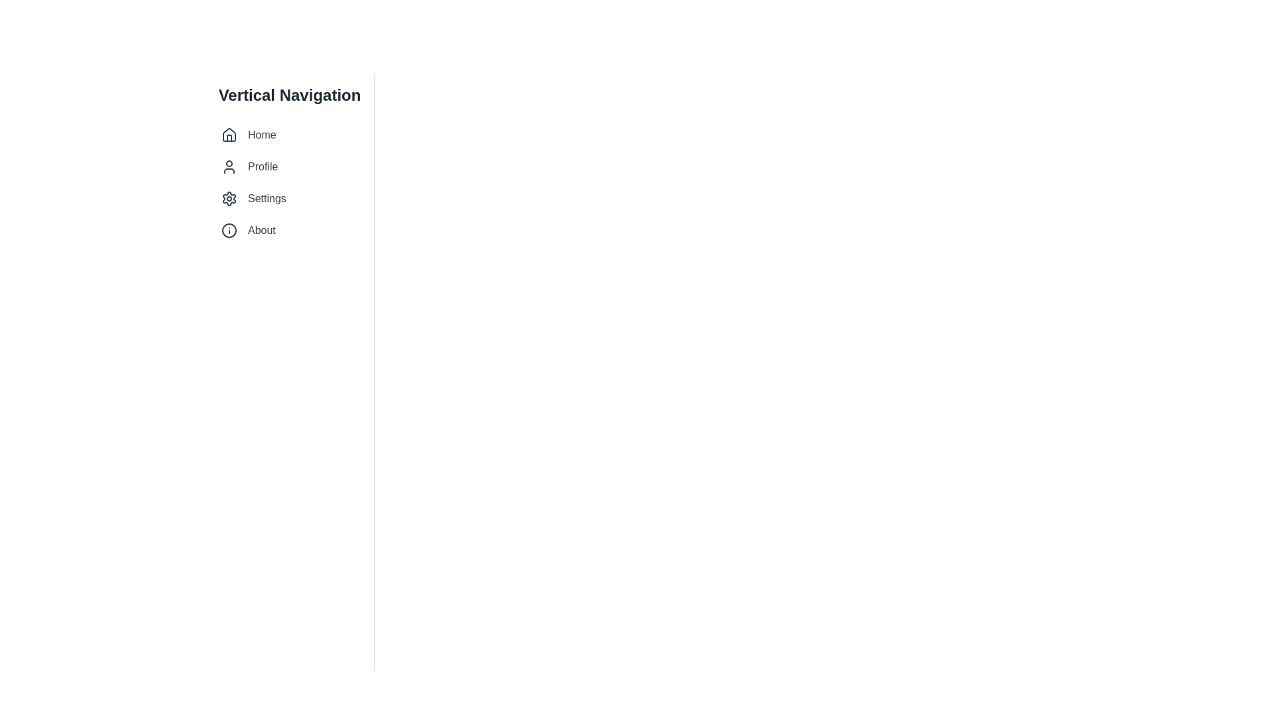 The width and height of the screenshot is (1273, 716). What do you see at coordinates (229, 199) in the screenshot?
I see `the settings icon located in the vertical navigation bar, which is the third item after 'Home' and 'Profile'` at bounding box center [229, 199].